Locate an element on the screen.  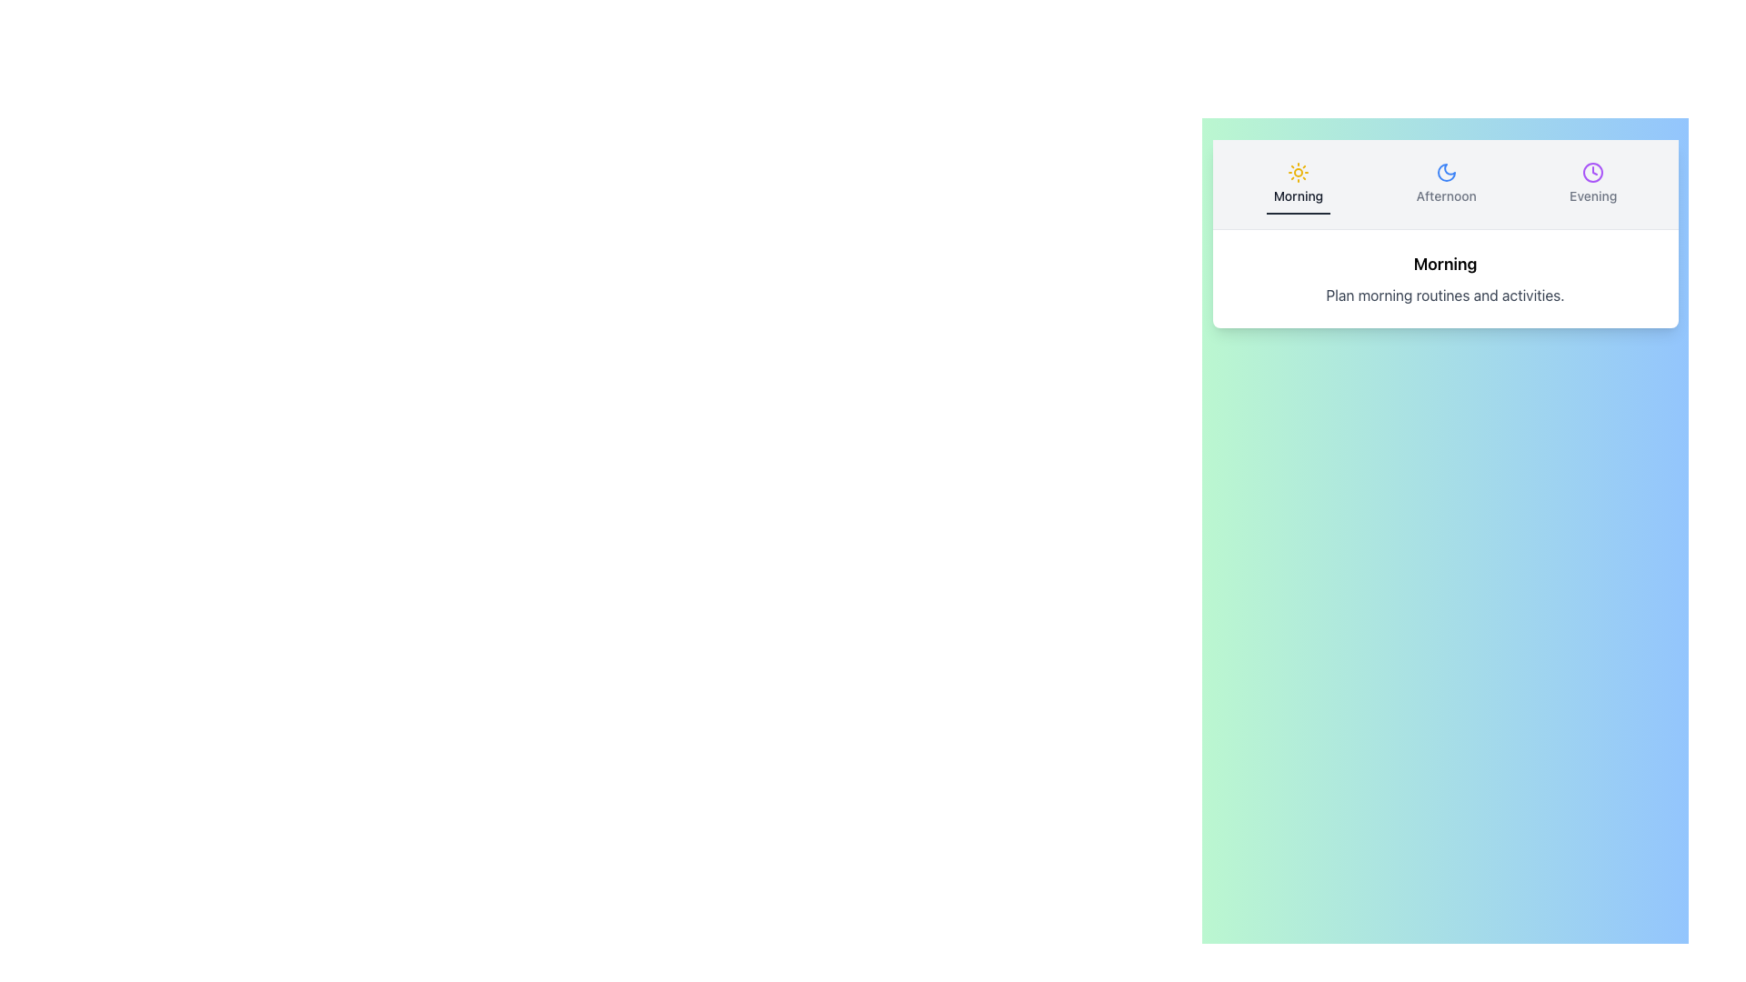
the text label displaying 'Afternoon' is located at coordinates (1445, 196).